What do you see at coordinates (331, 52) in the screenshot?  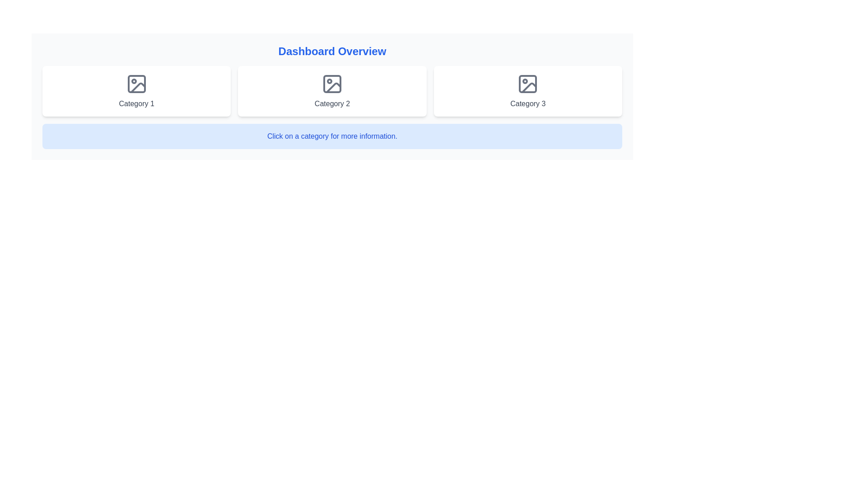 I see `displayed text of the prominent blue Heading text element located near the top center of the interface, above three category cards` at bounding box center [331, 52].